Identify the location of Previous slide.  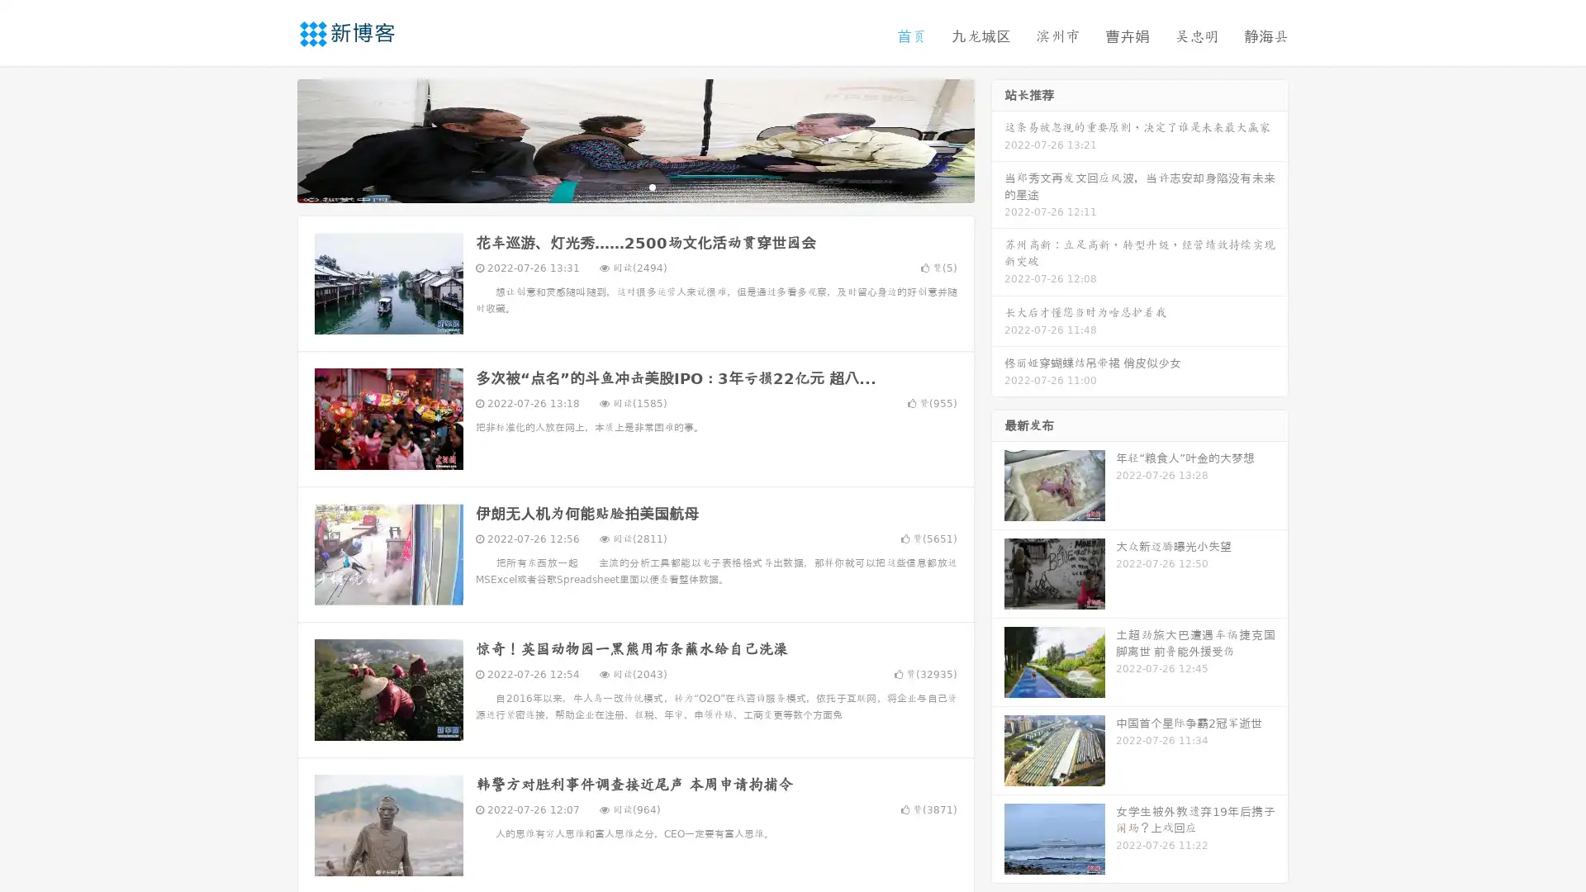
(273, 139).